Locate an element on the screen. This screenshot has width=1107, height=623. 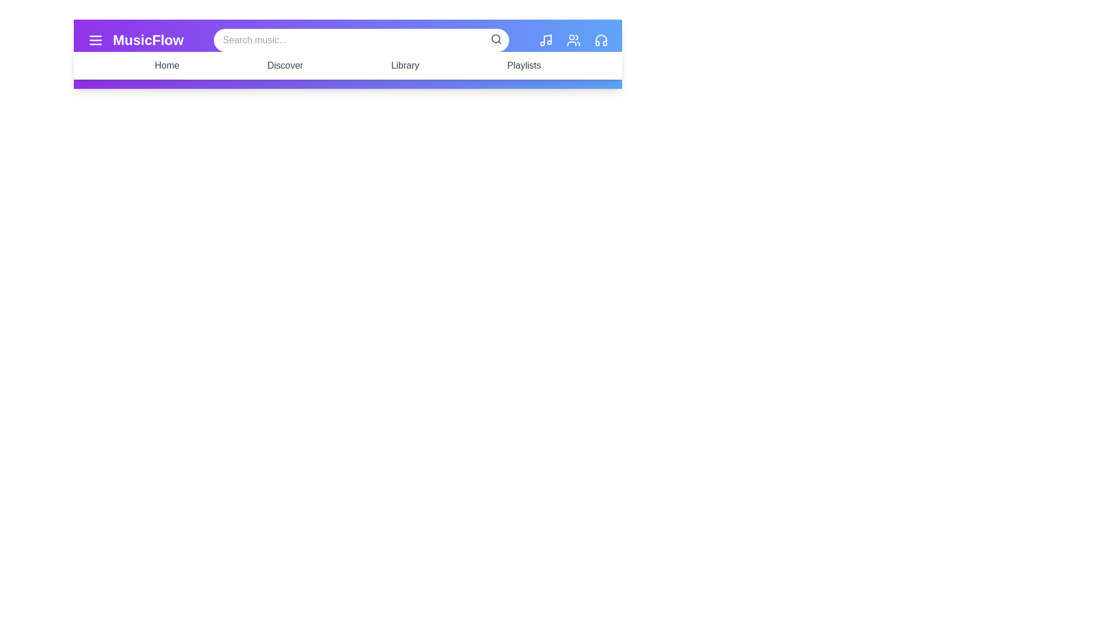
the navigation menu item Discover is located at coordinates (285, 66).